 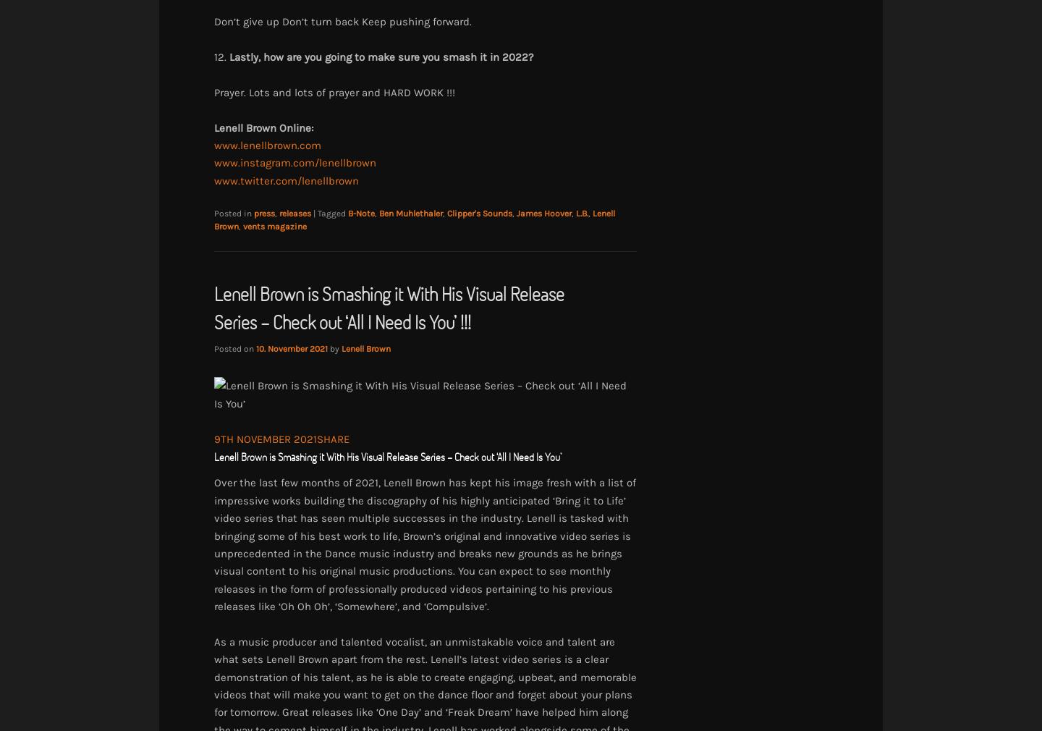 I want to click on 'L.B.', so click(x=576, y=214).